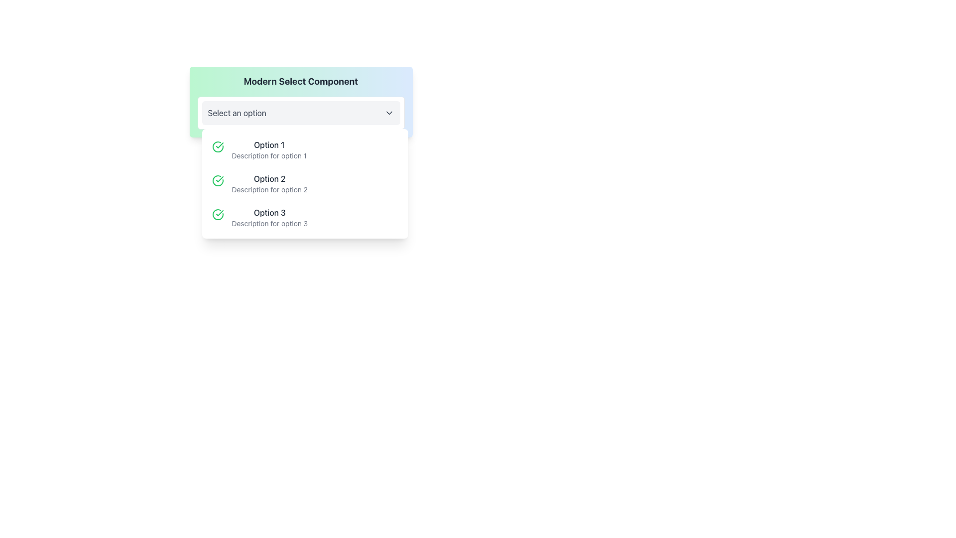 This screenshot has width=956, height=538. Describe the element at coordinates (269, 217) in the screenshot. I see `the third option in the dropdown menu` at that location.